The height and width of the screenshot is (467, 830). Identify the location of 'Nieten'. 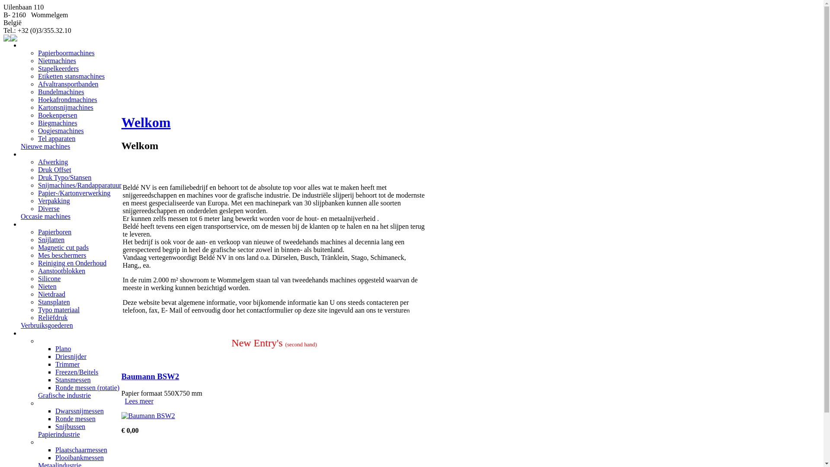
(47, 286).